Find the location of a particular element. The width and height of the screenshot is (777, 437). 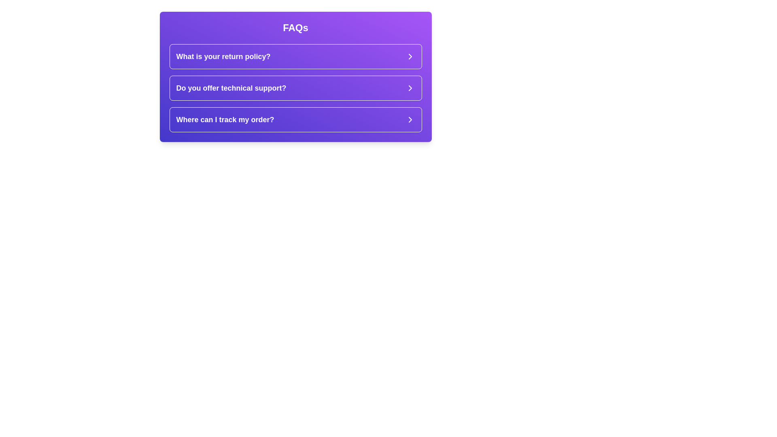

the interactive list item that asks 'Do you offer technical support?' for accessibility navigation is located at coordinates (295, 88).